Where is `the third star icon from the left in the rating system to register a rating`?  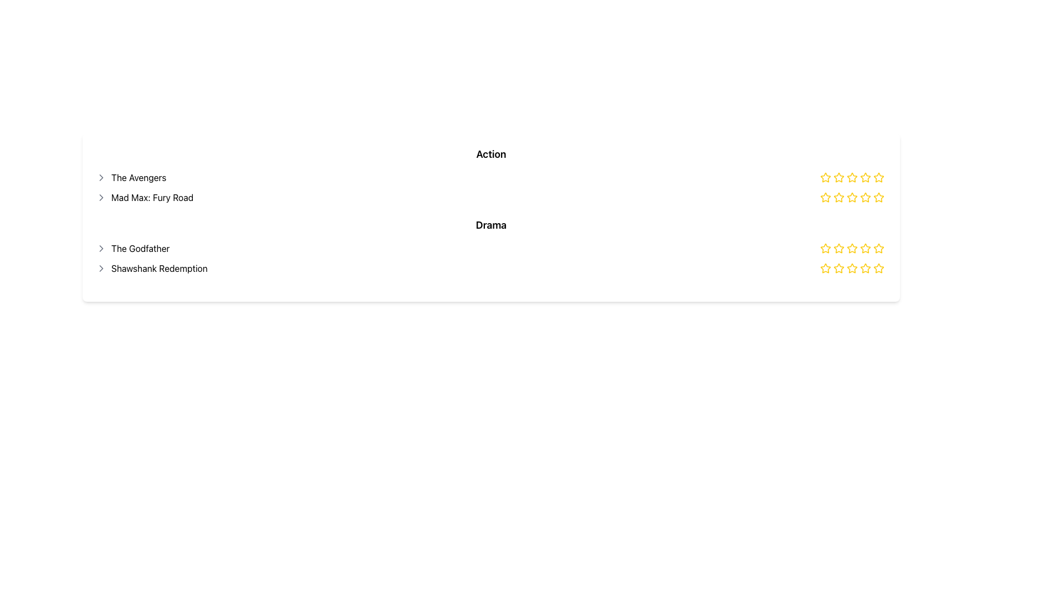 the third star icon from the left in the rating system to register a rating is located at coordinates (838, 177).